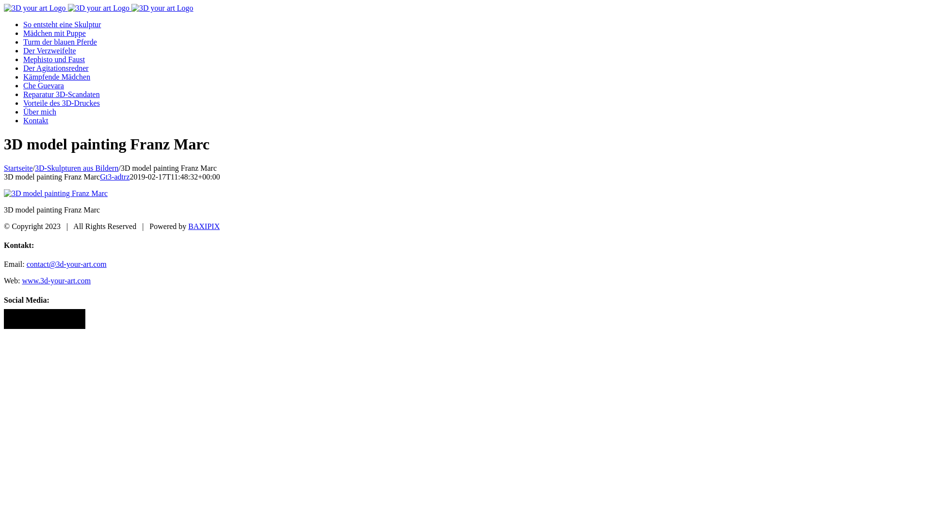  What do you see at coordinates (3, 3) in the screenshot?
I see `'Zum Inhalt springen'` at bounding box center [3, 3].